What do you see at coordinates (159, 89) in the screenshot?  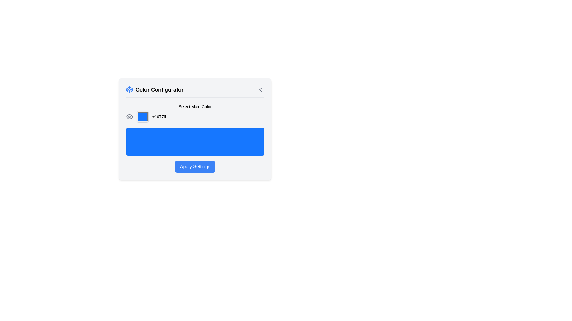 I see `the 'Color Configurator' text label located at the top of the panel, which serves as a title for the UI section that follows` at bounding box center [159, 89].